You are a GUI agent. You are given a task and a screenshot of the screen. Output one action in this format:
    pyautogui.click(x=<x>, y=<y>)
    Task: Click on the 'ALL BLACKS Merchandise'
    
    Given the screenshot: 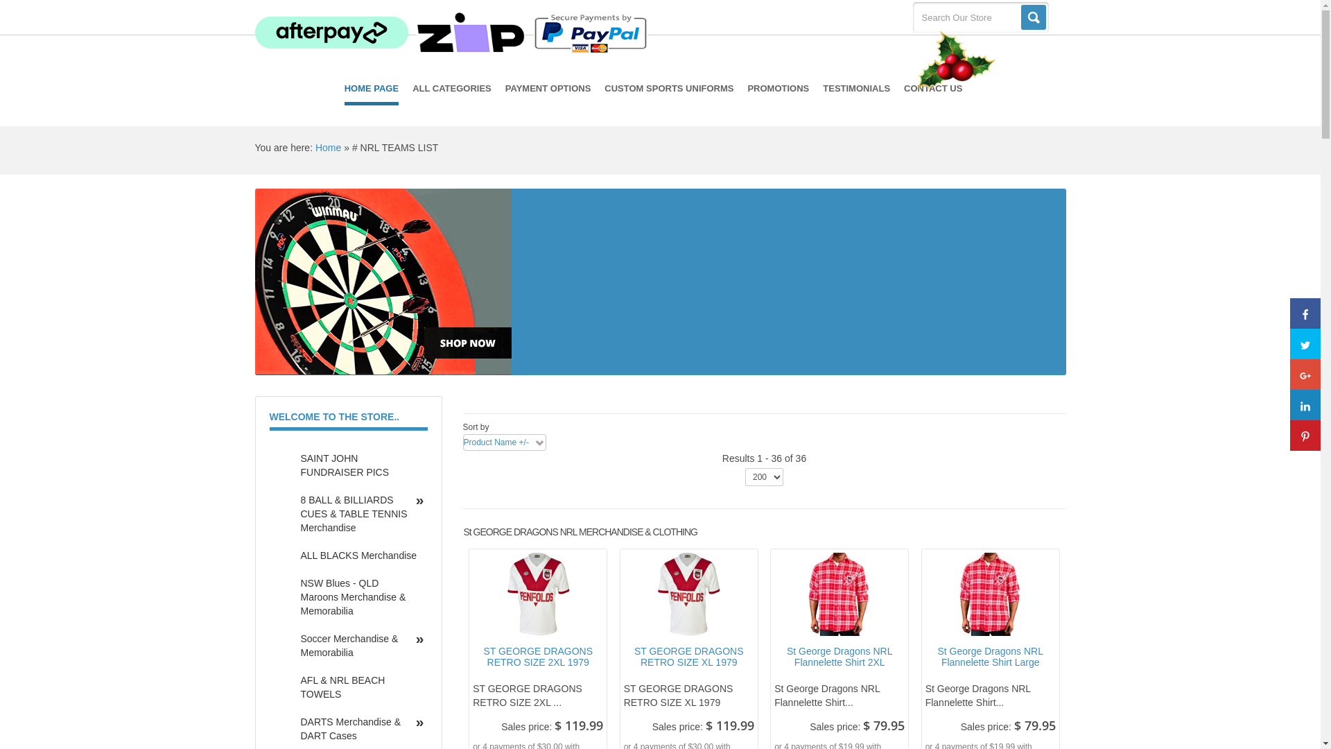 What is the action you would take?
    pyautogui.click(x=358, y=555)
    